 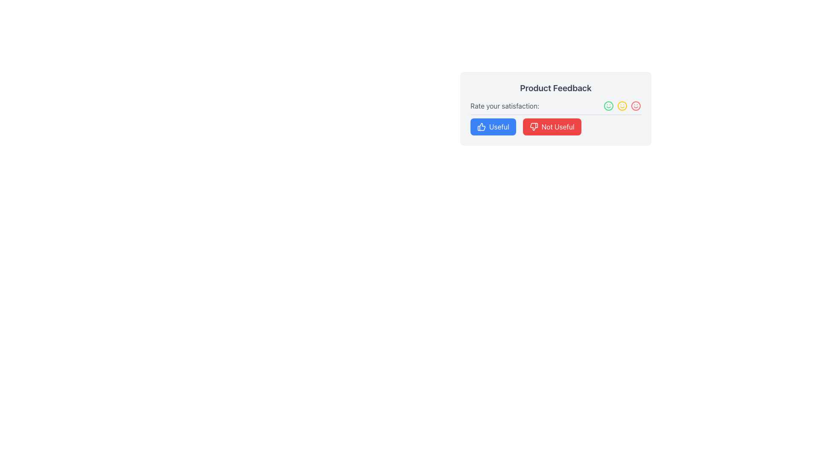 I want to click on the facial icons in the Rating prompt that displays 'Rate your satisfaction:' for context, so click(x=555, y=118).